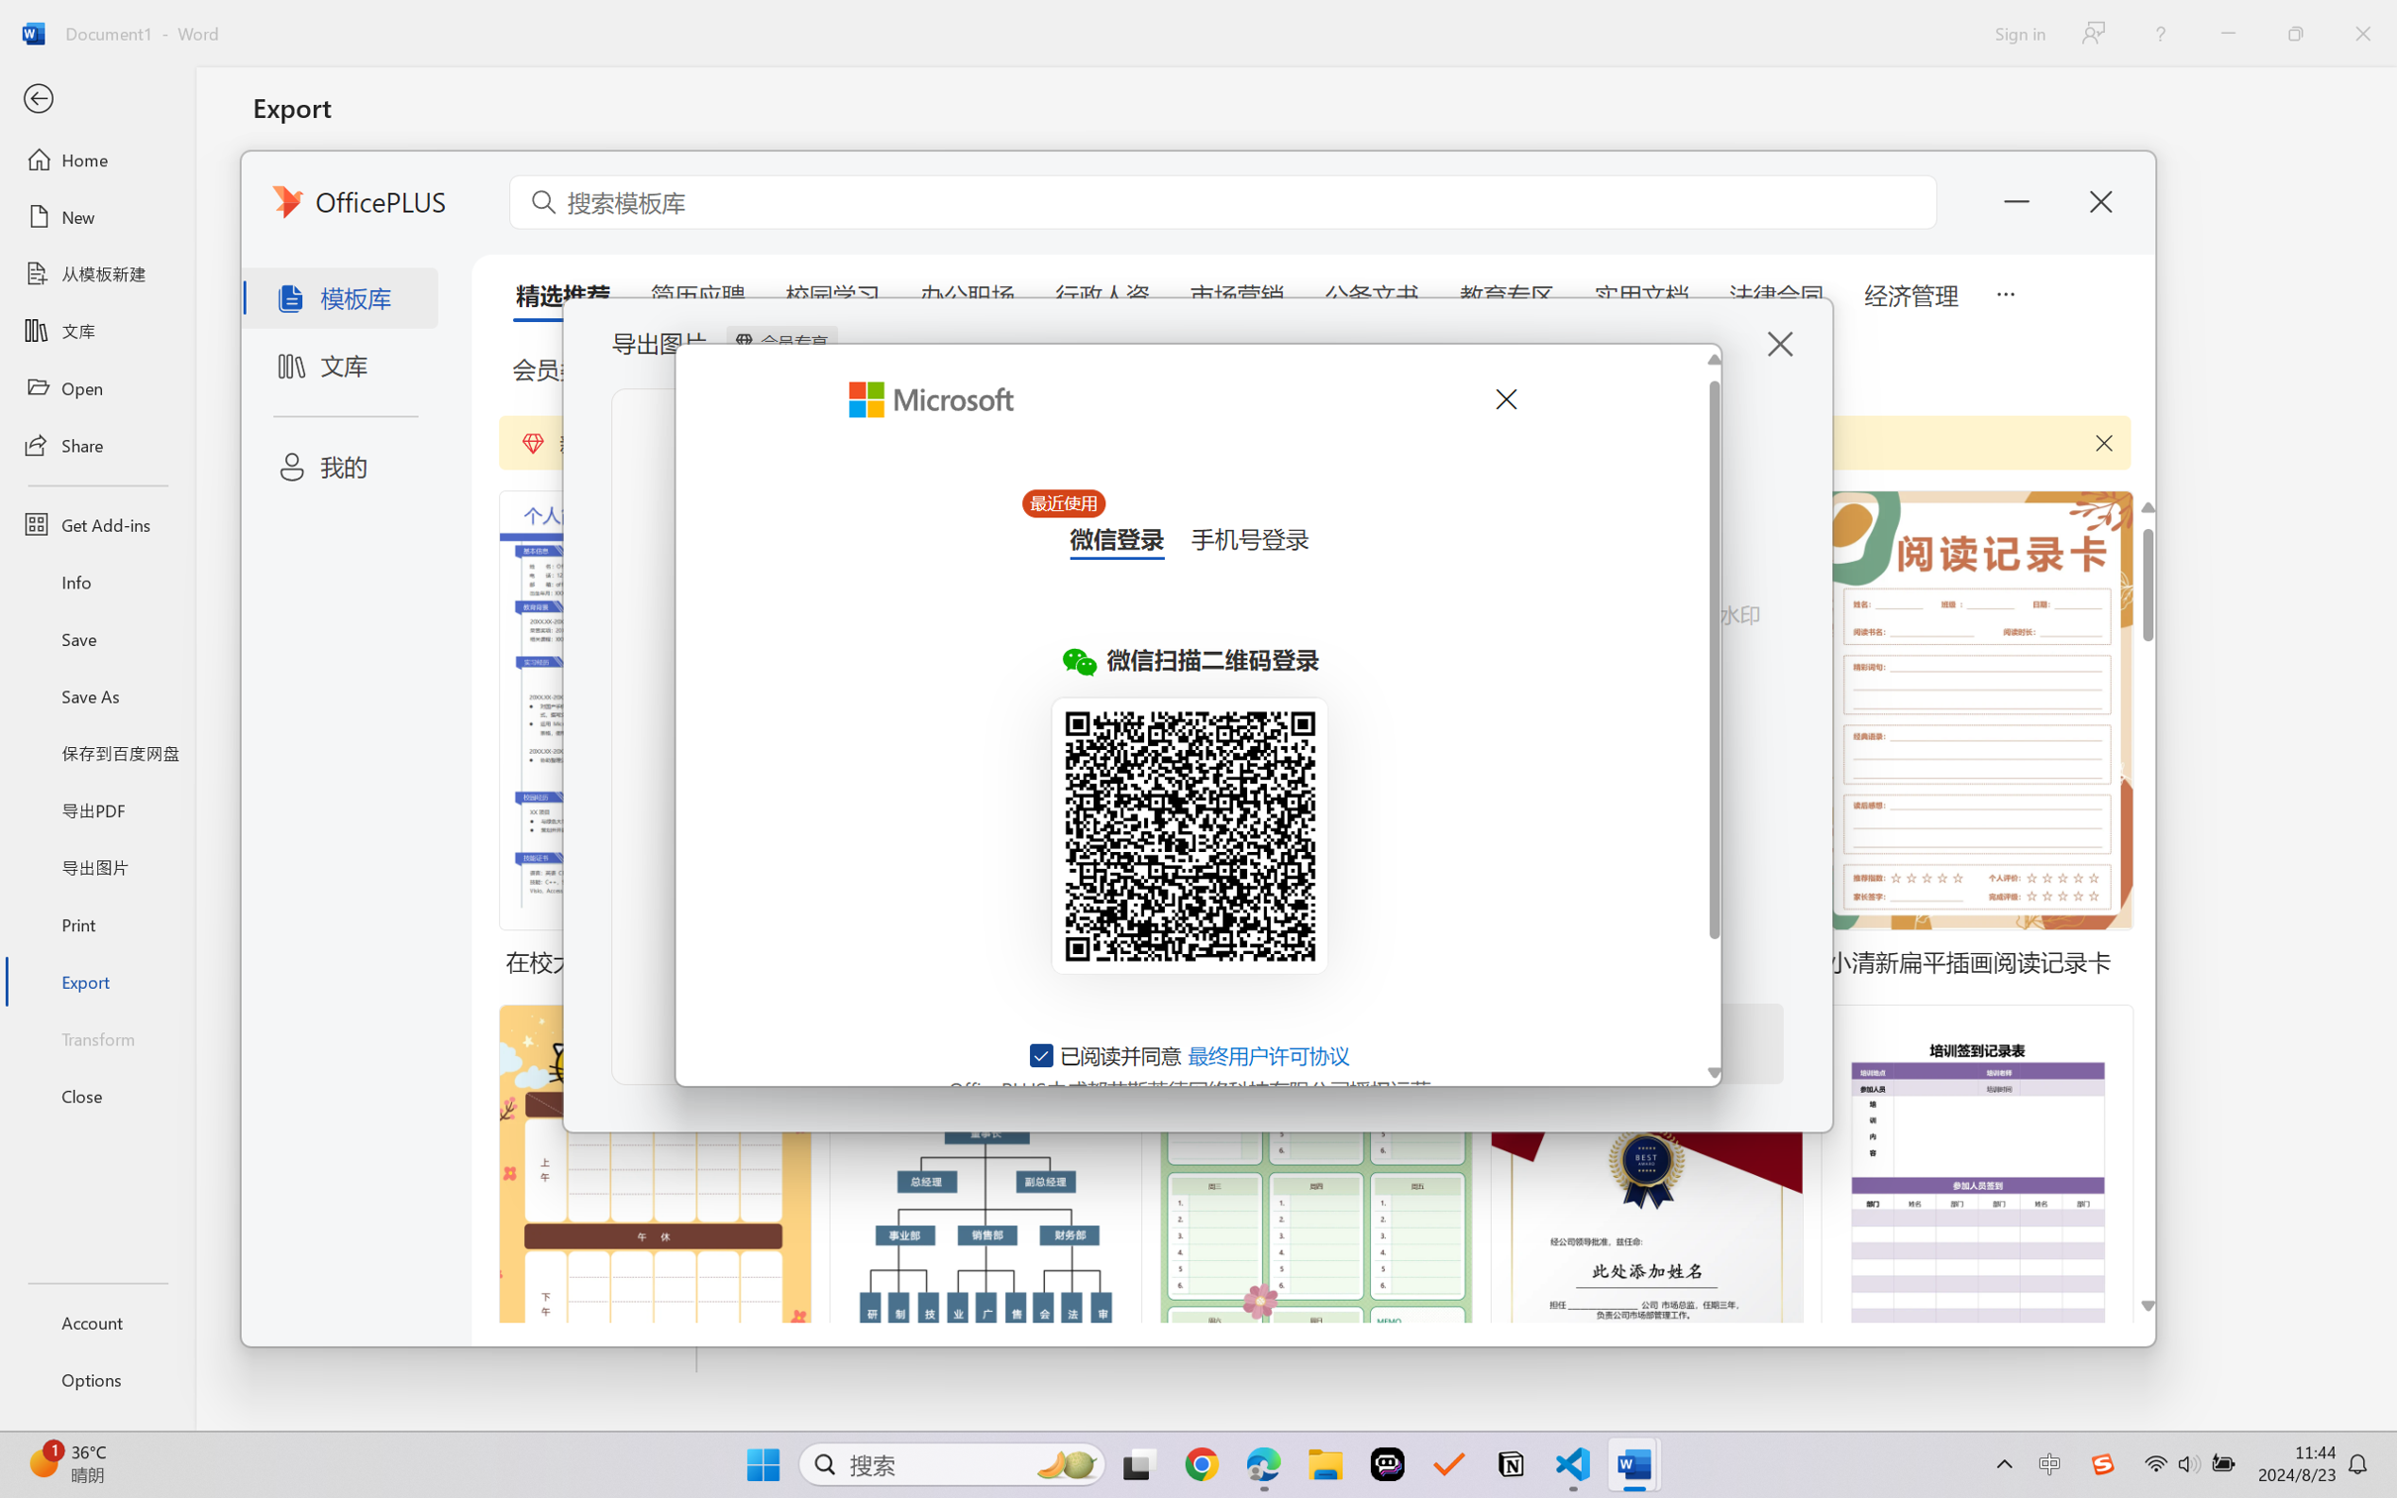  Describe the element at coordinates (96, 523) in the screenshot. I see `'Get Add-ins'` at that location.